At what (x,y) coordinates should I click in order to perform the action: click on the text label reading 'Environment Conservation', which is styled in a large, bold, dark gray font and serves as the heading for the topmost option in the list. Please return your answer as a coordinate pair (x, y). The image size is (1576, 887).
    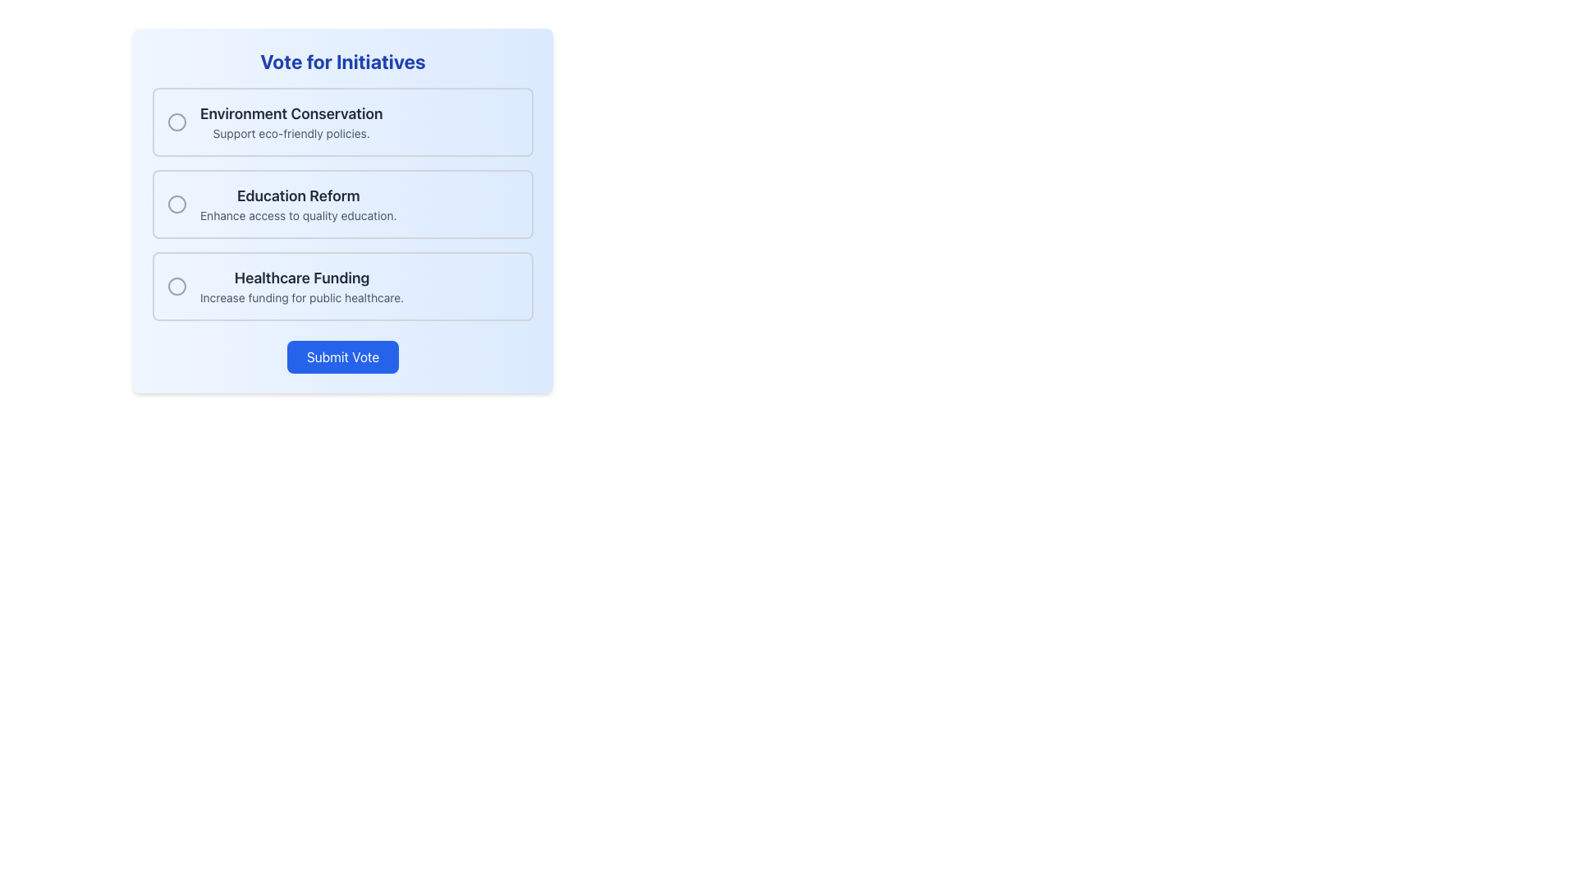
    Looking at the image, I should click on (291, 113).